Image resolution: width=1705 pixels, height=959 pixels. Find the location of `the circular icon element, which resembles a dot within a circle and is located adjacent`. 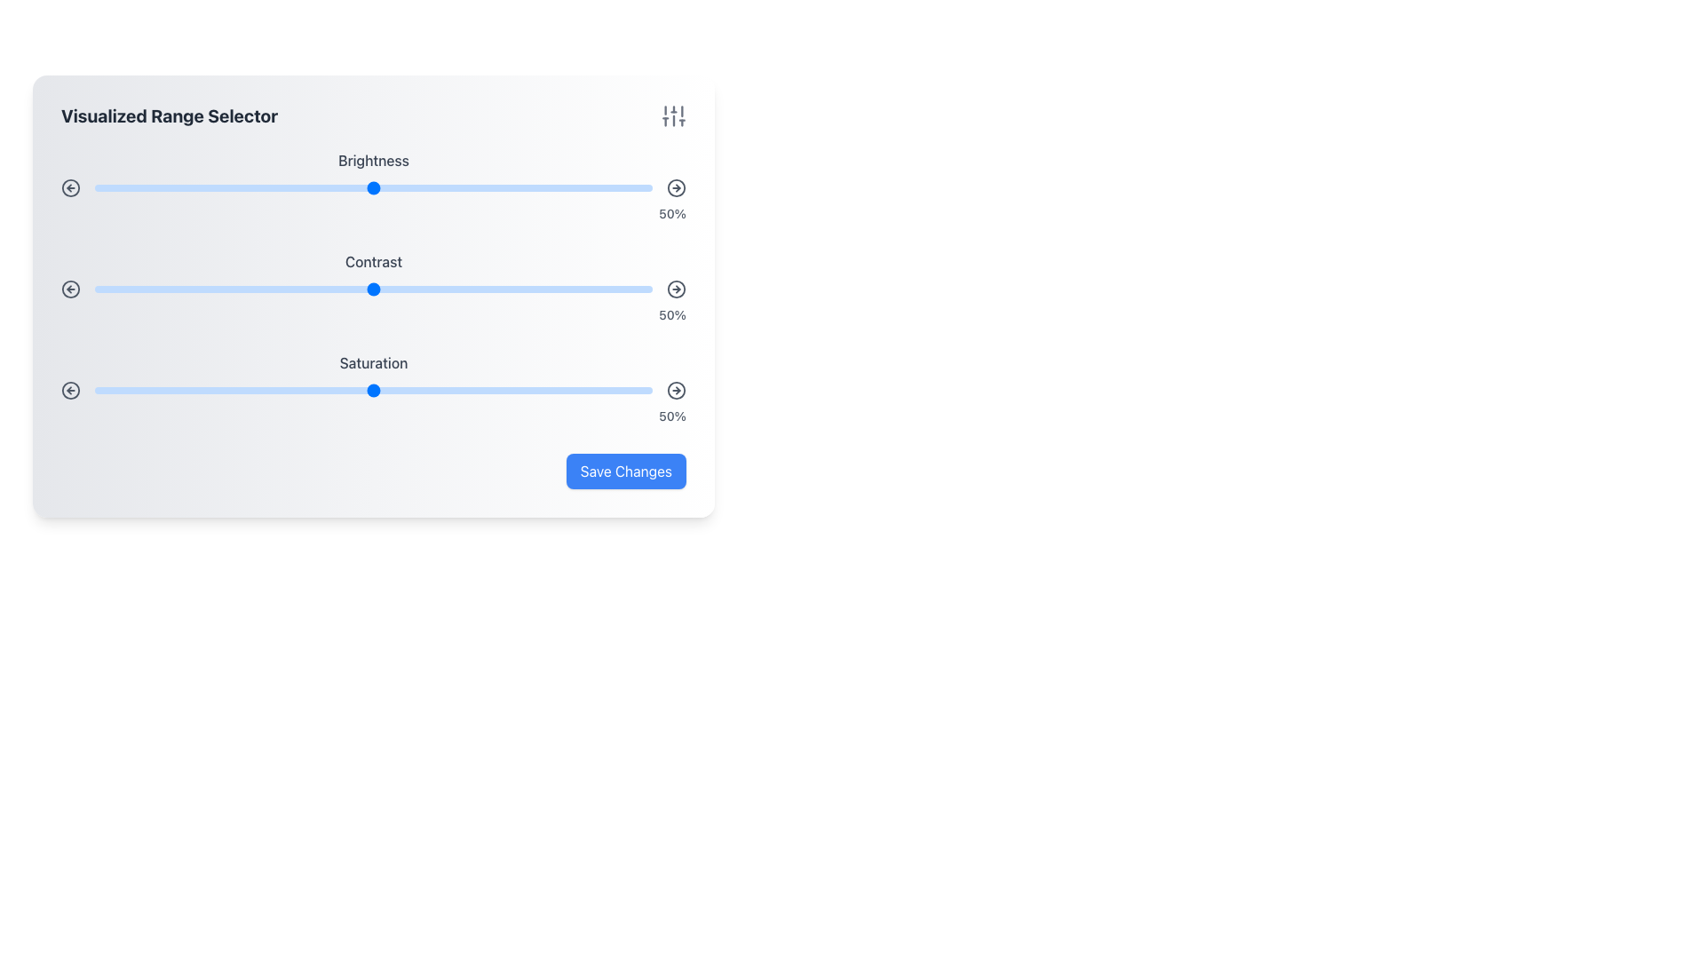

the circular icon element, which resembles a dot within a circle and is located adjacent is located at coordinates (71, 188).